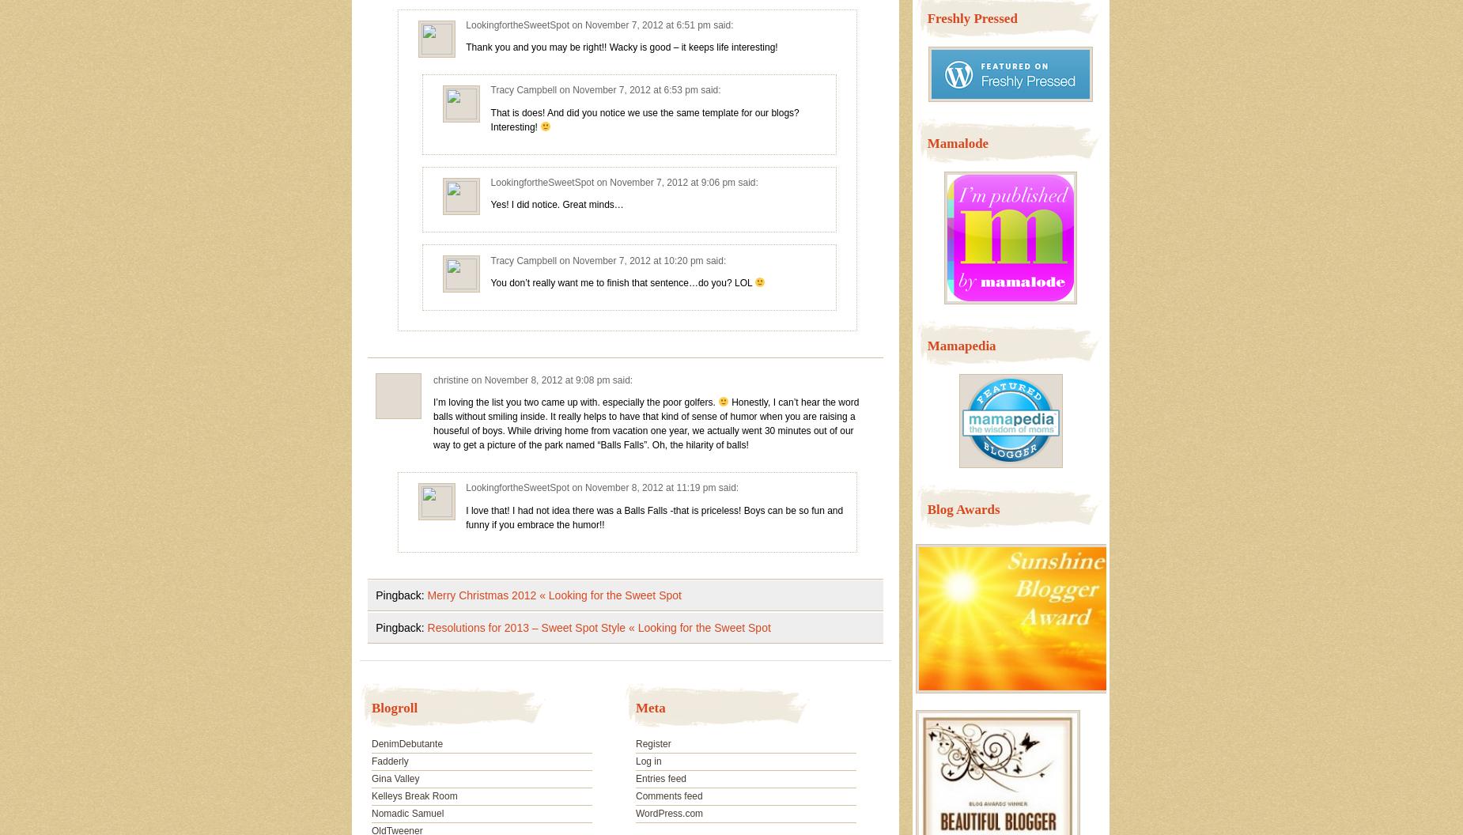 The height and width of the screenshot is (835, 1463). Describe the element at coordinates (490, 119) in the screenshot. I see `'That is does! And did you notice we use the same template for our blogs? Interesting!'` at that location.